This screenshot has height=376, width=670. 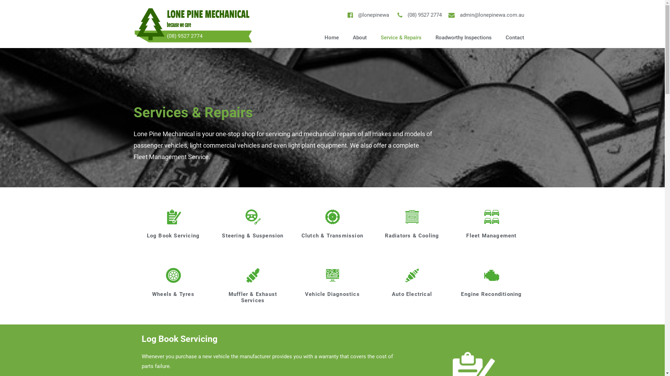 I want to click on 'clutch', so click(x=332, y=217).